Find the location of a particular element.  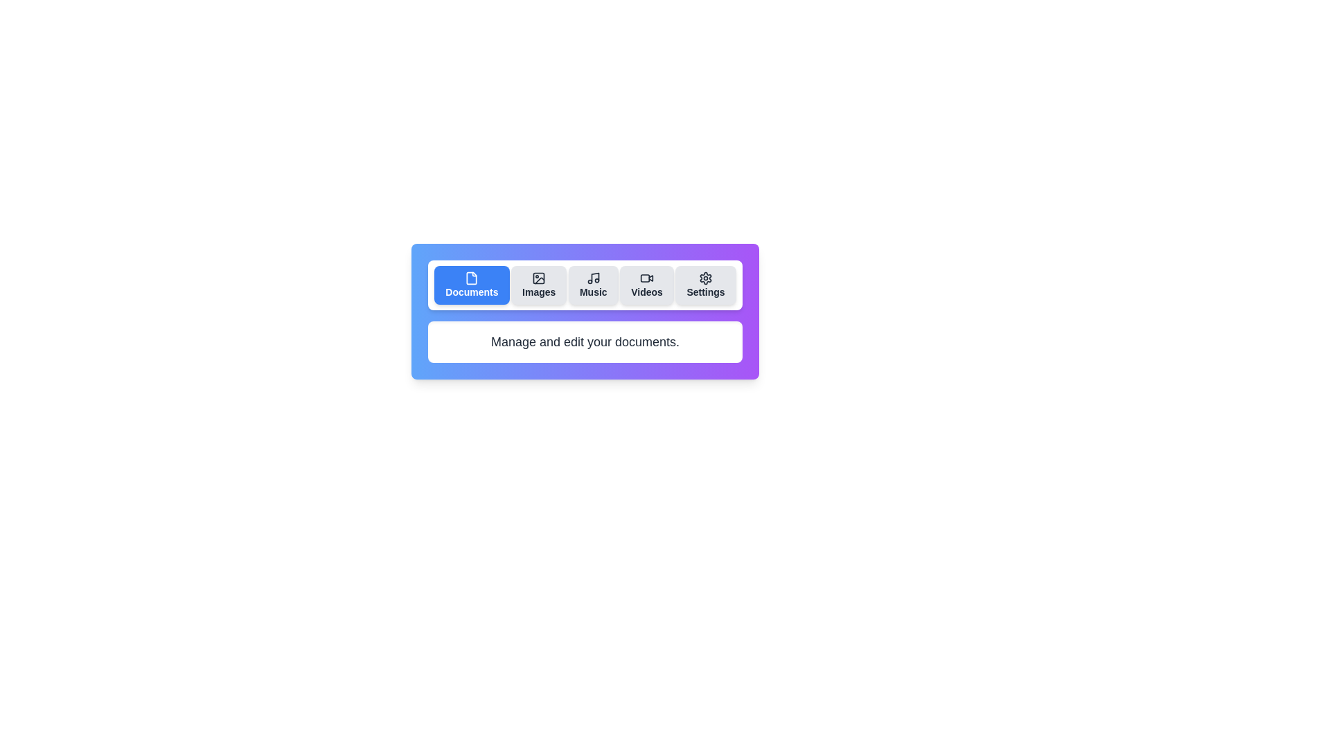

the tab labeled Music is located at coordinates (593, 285).